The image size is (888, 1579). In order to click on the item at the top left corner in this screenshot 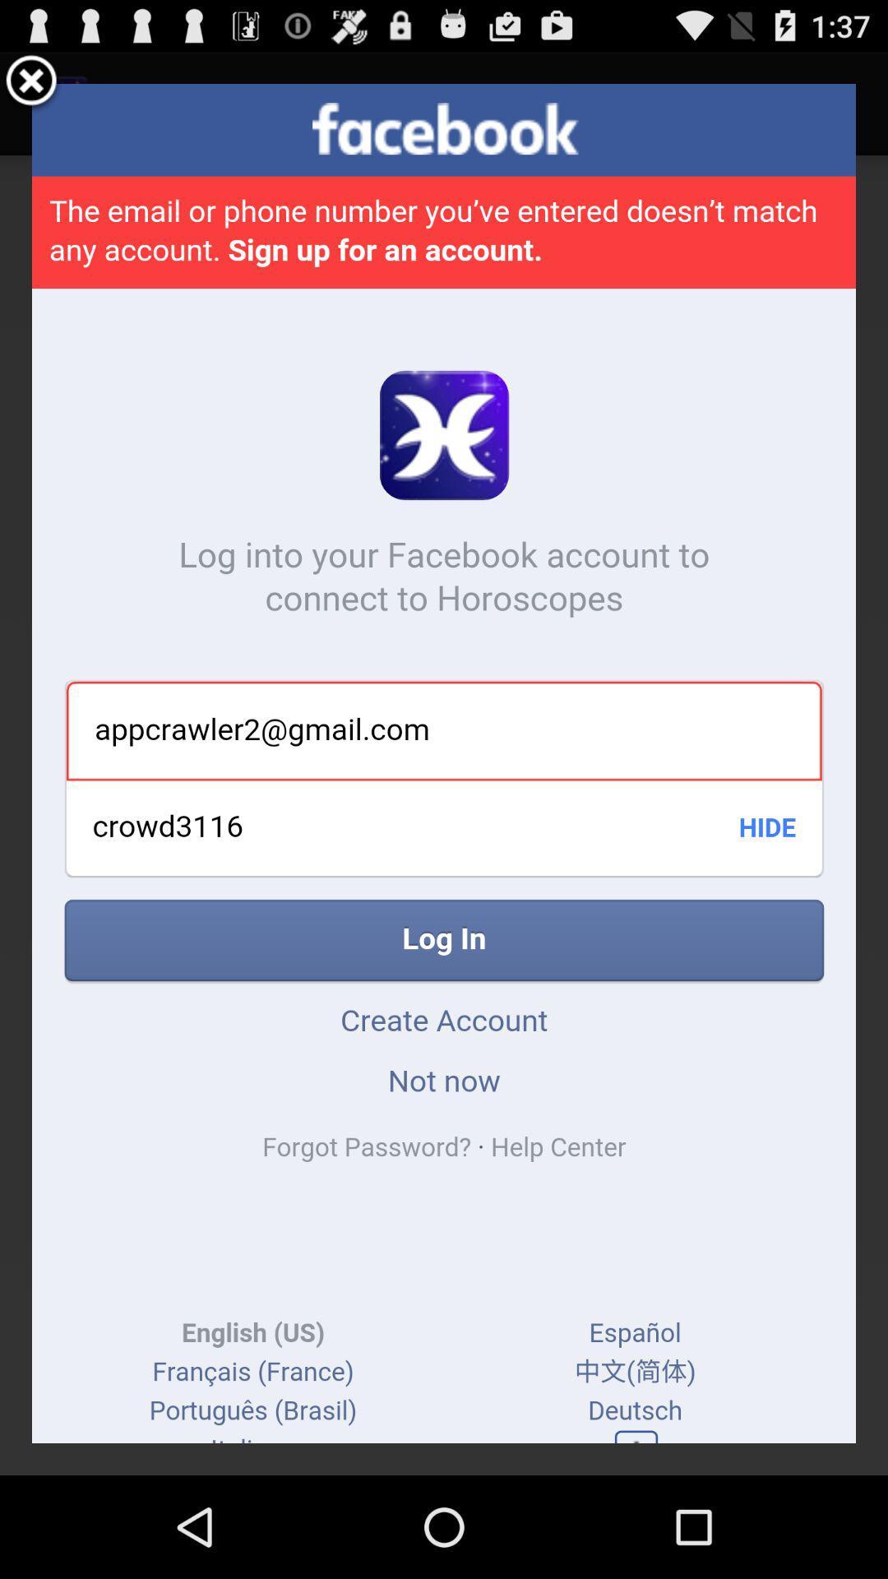, I will do `click(31, 82)`.